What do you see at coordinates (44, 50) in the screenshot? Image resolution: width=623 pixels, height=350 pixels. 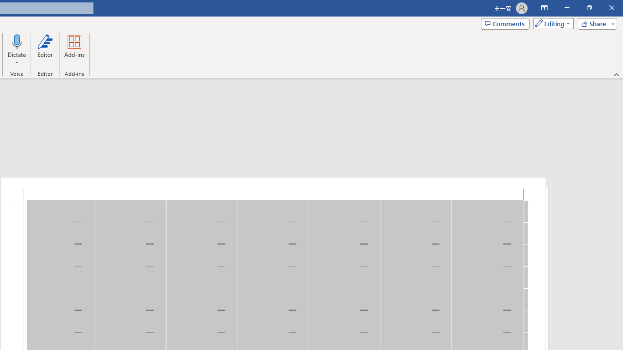 I see `'Editor'` at bounding box center [44, 50].